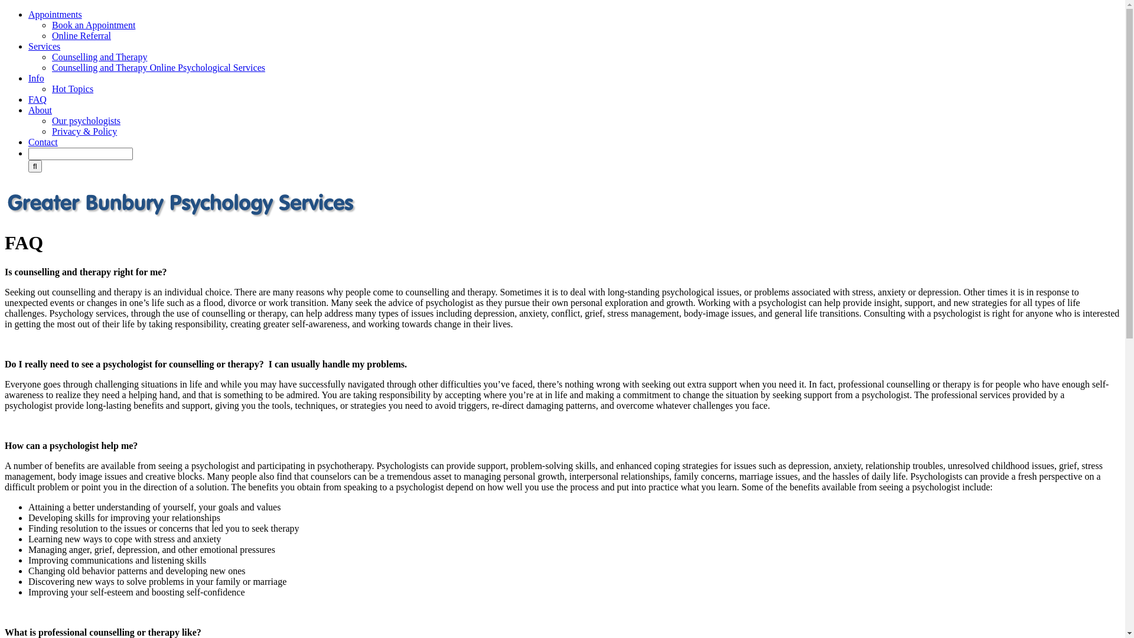  I want to click on 'Online Referral', so click(81, 35).